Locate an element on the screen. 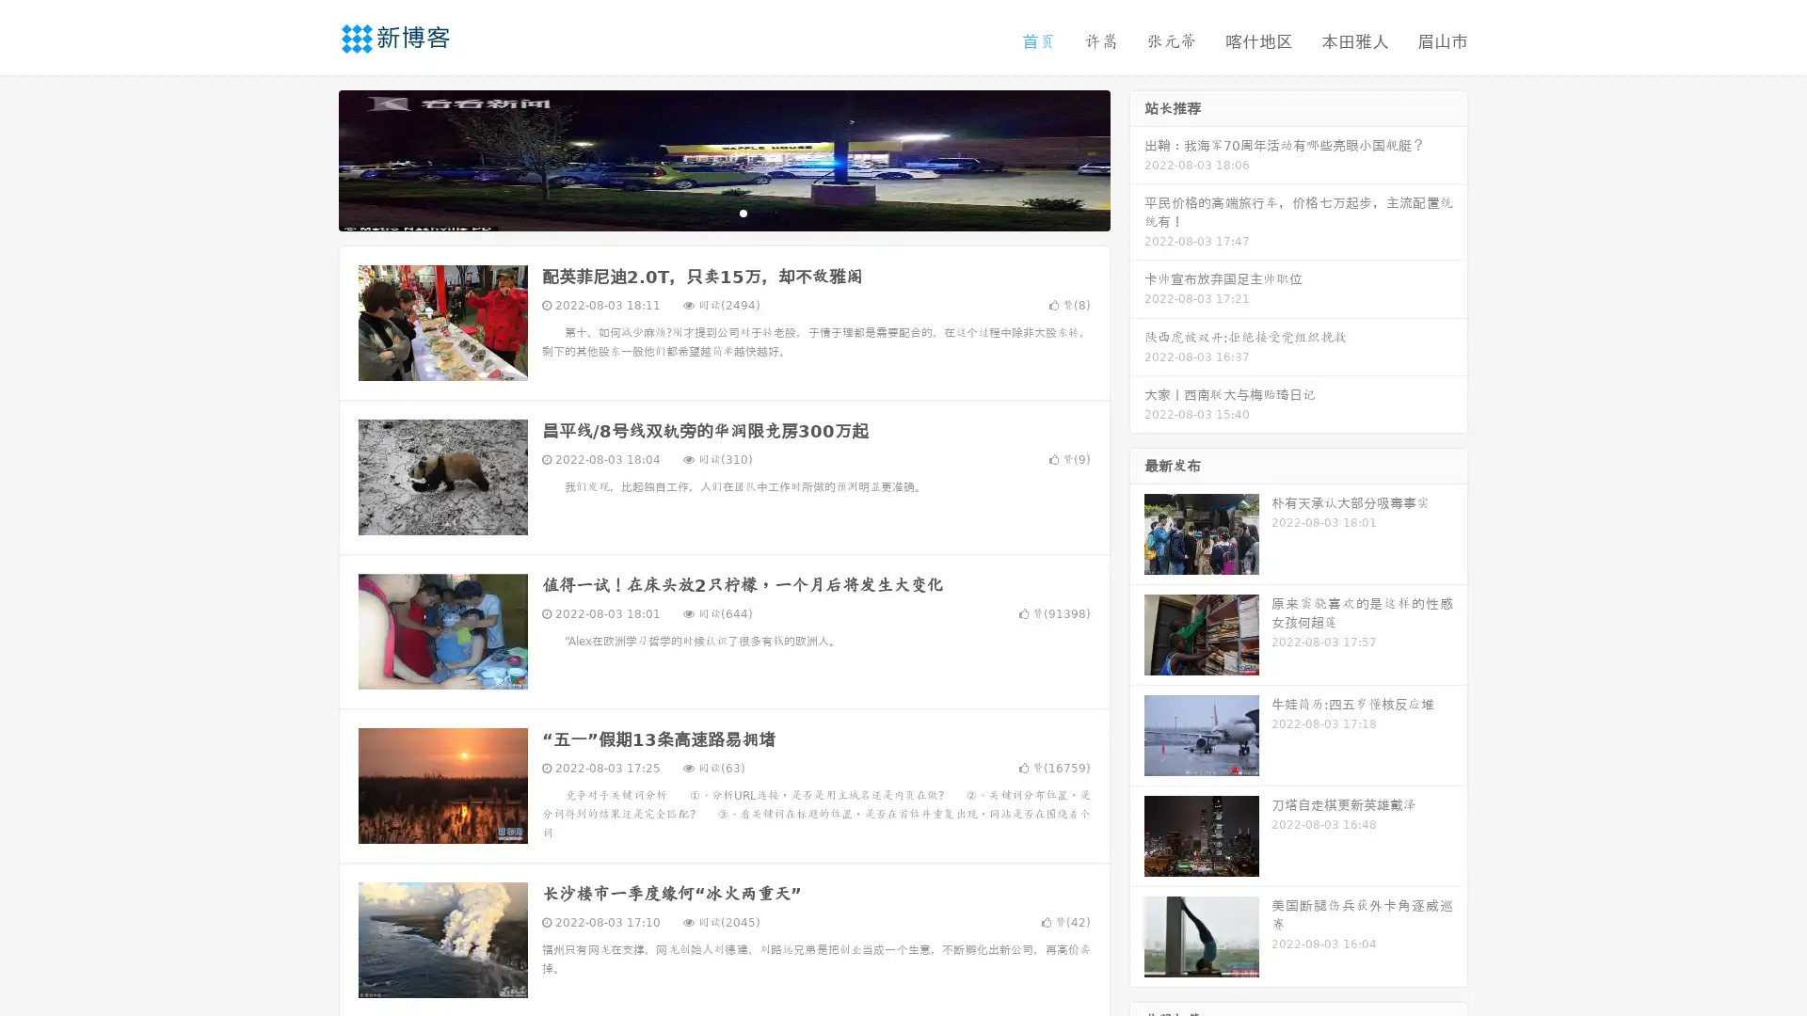 The image size is (1807, 1016). Go to slide 3 is located at coordinates (743, 212).